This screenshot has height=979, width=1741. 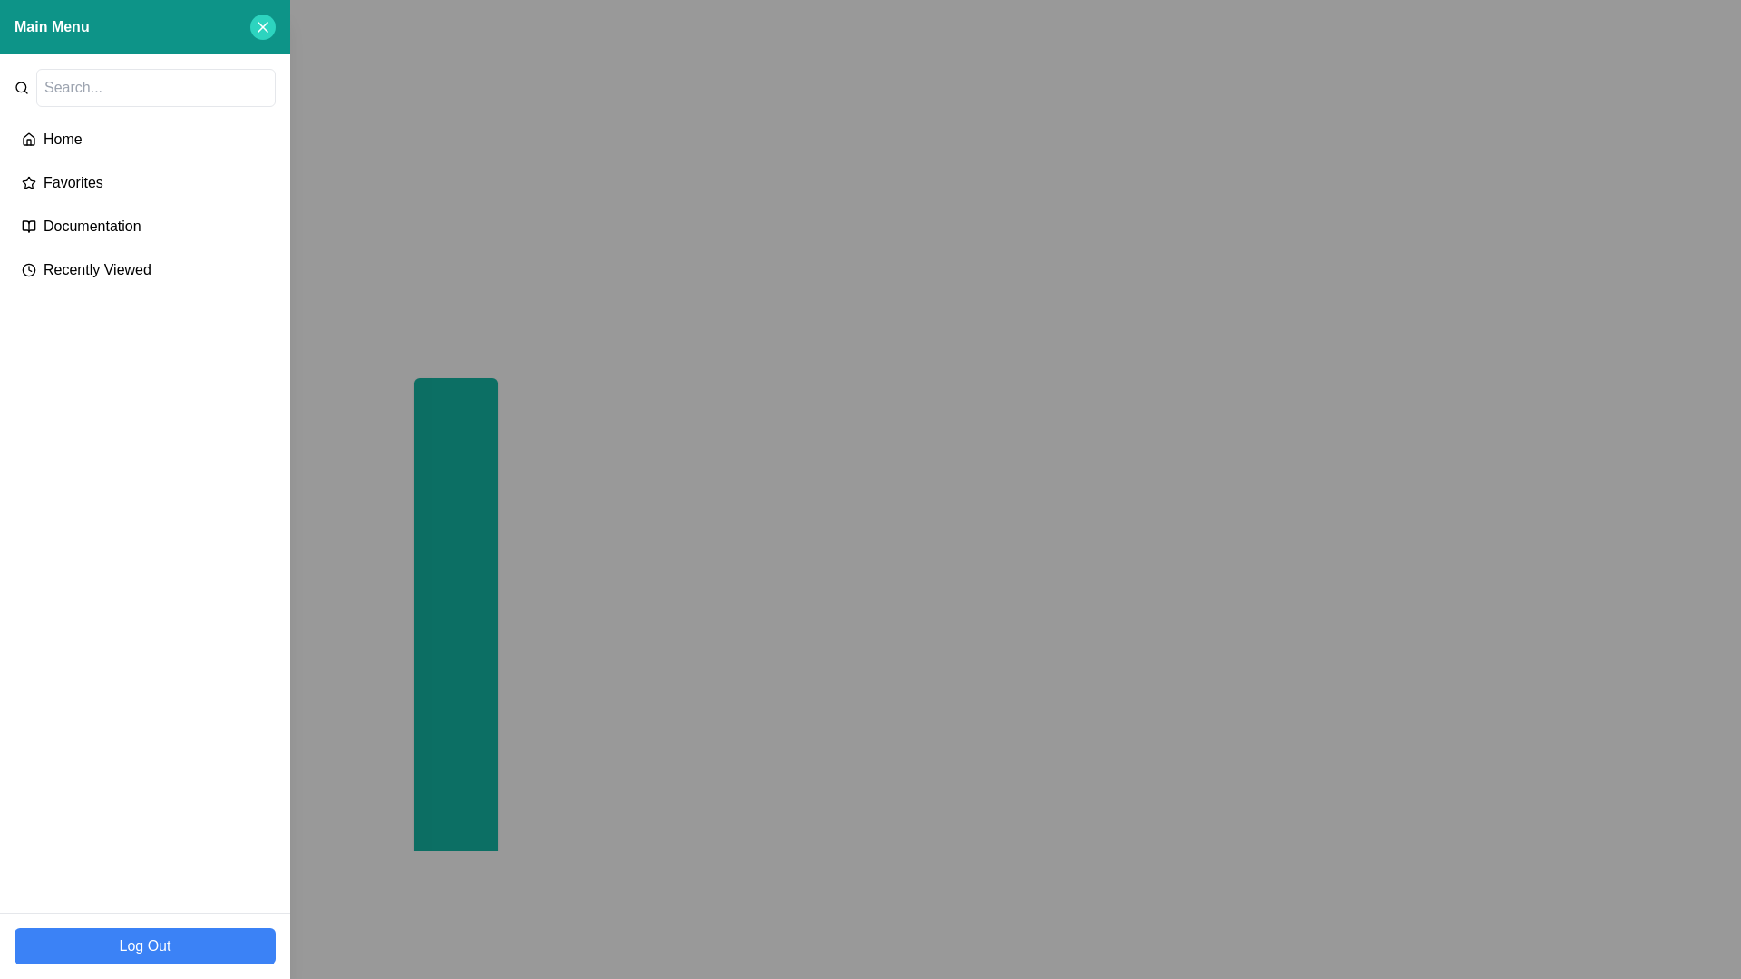 I want to click on the magnifying glass SVG icon used for search functionality, located immediately to the left of the 'Search...' text input box, so click(x=22, y=87).